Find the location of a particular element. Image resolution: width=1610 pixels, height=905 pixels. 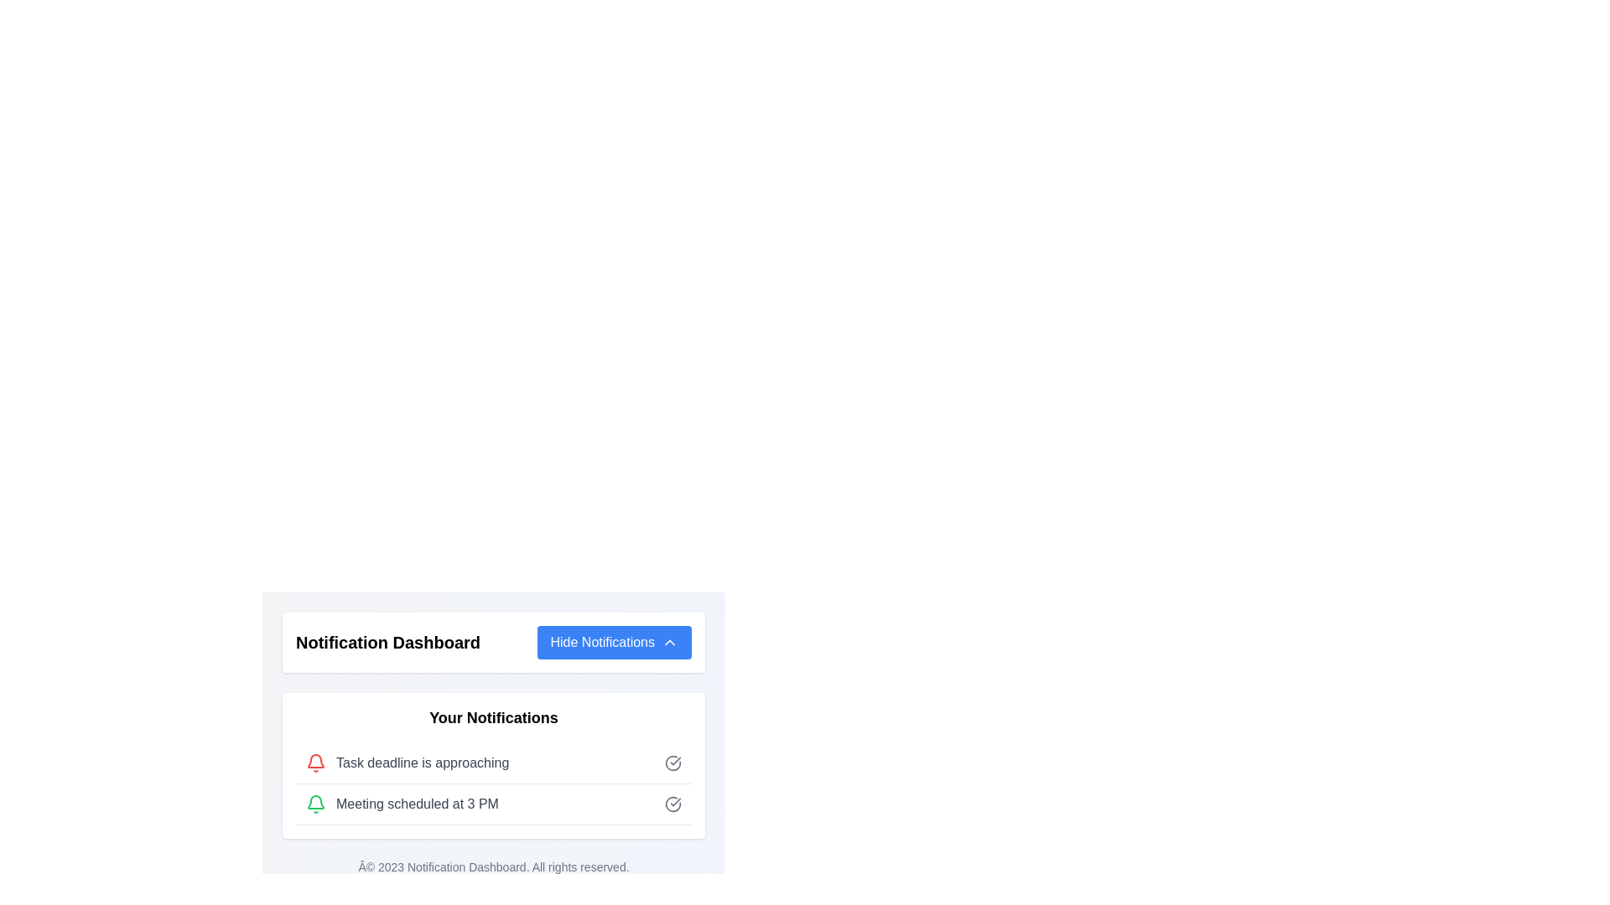

the green bell icon located in the notification section, positioned to the left of the text 'Meeting scheduled at 3 PM' is located at coordinates (316, 804).